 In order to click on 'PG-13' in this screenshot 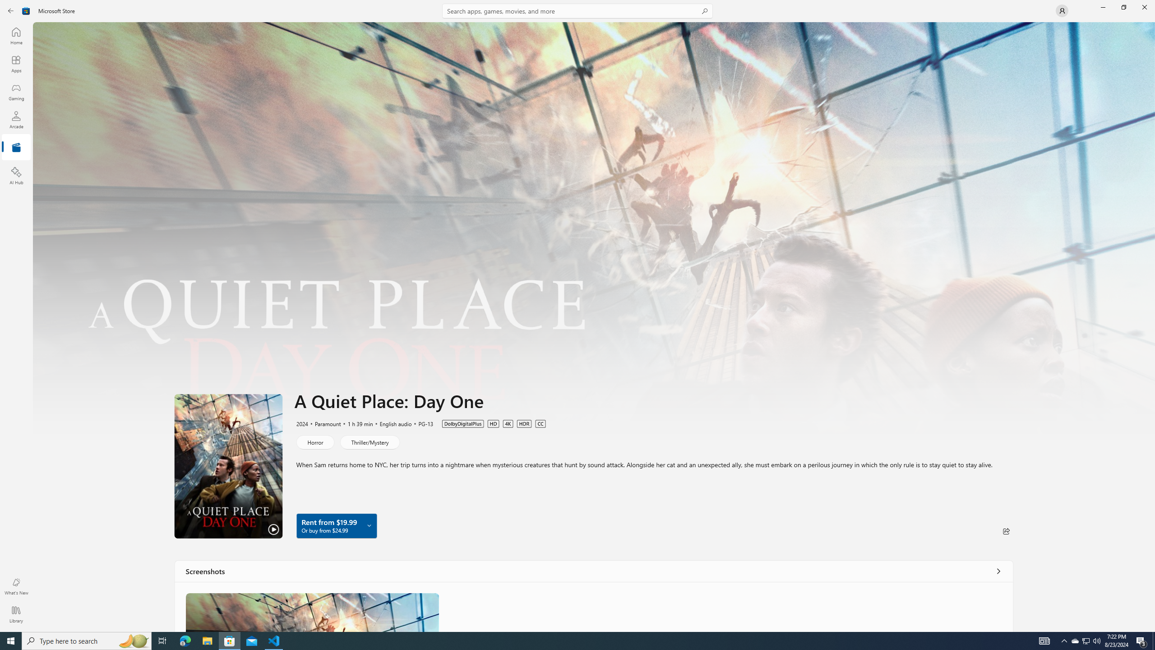, I will do `click(421, 423)`.